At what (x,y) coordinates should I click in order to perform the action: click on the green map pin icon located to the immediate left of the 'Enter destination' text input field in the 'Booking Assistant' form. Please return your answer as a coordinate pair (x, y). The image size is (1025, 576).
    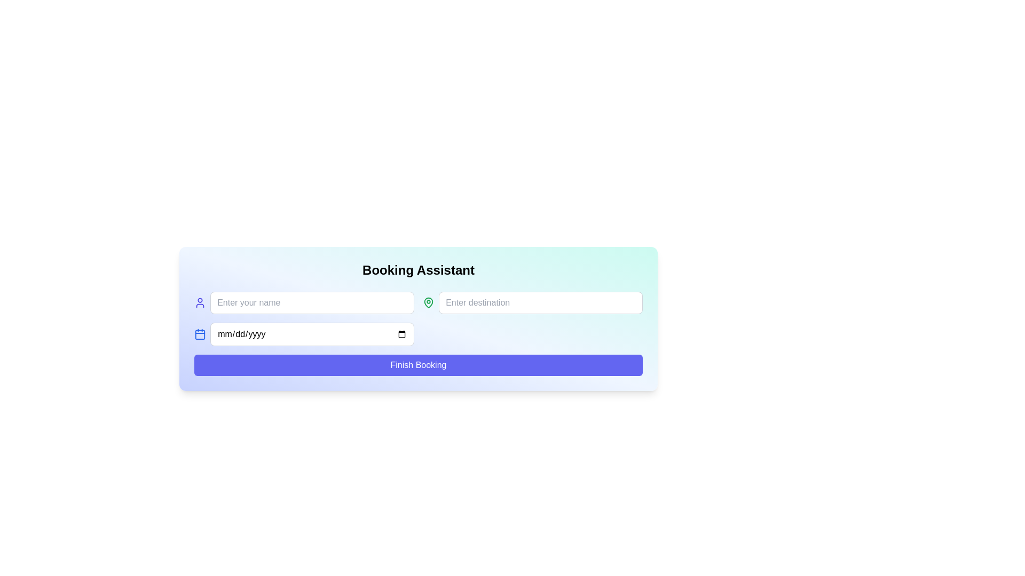
    Looking at the image, I should click on (429, 302).